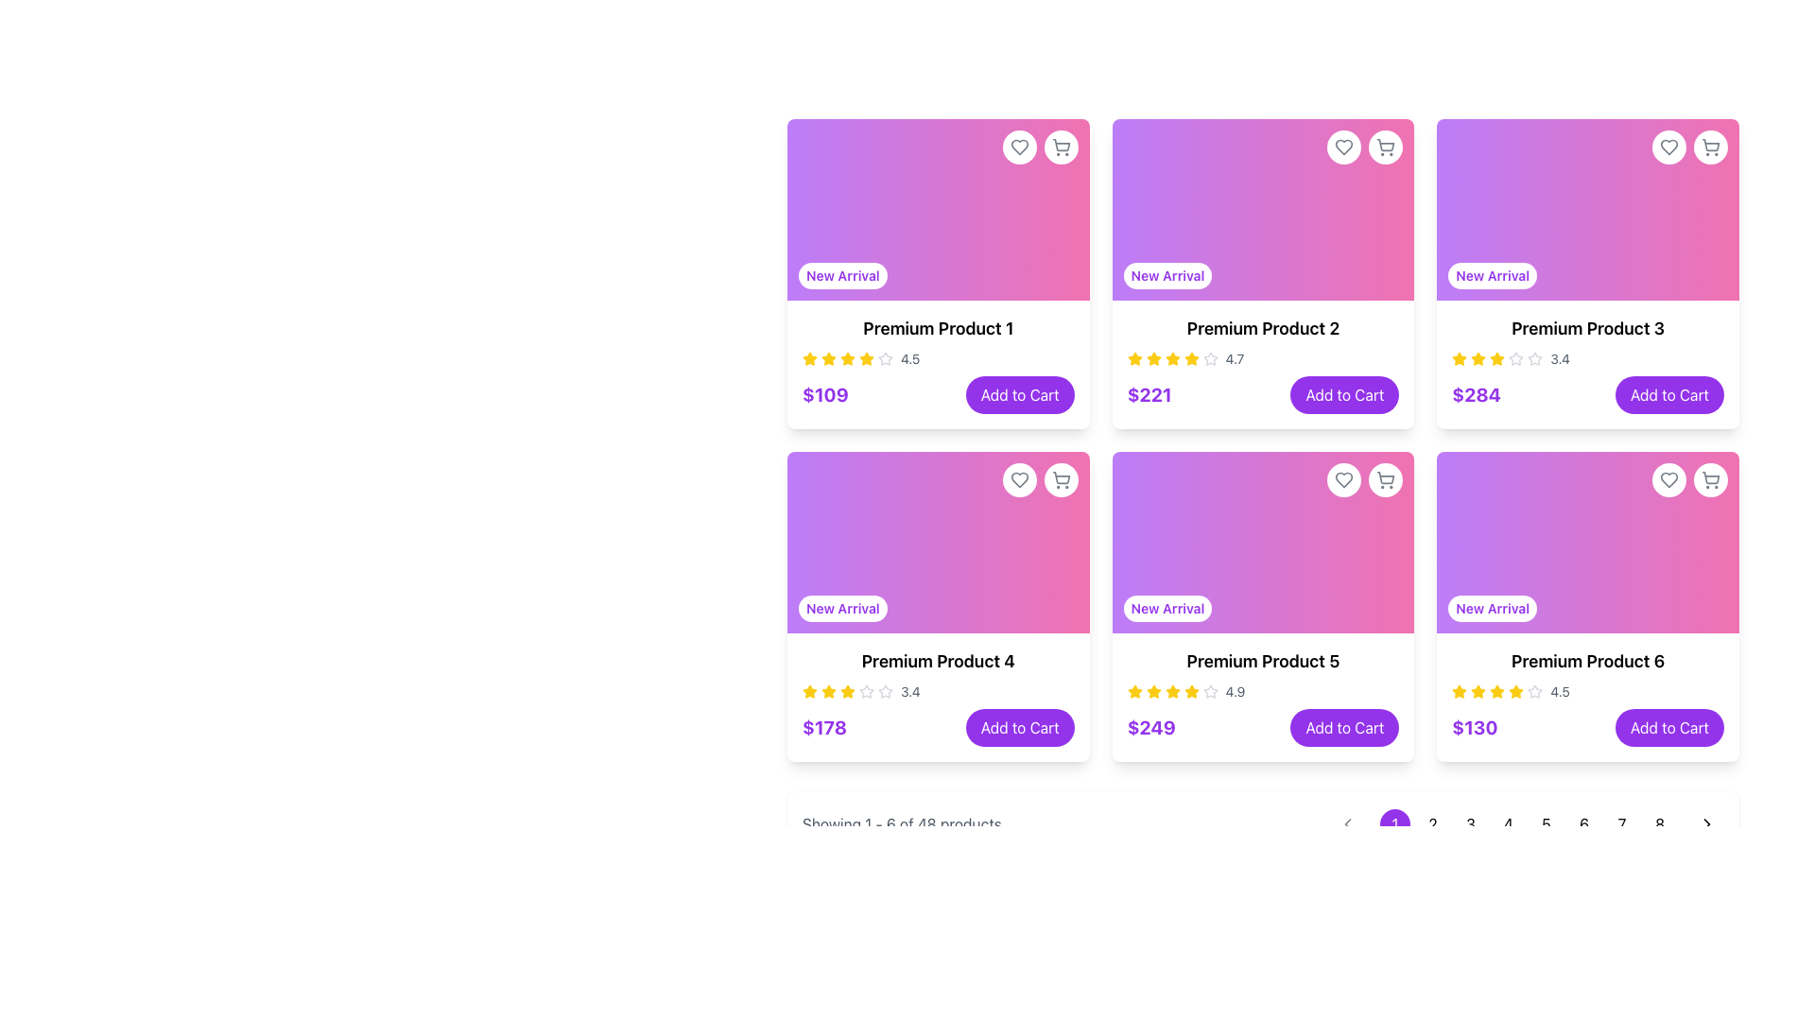 The width and height of the screenshot is (1815, 1021). What do you see at coordinates (841, 276) in the screenshot?
I see `the newly listed badge located at the top-left corner of the product card, above the product title` at bounding box center [841, 276].